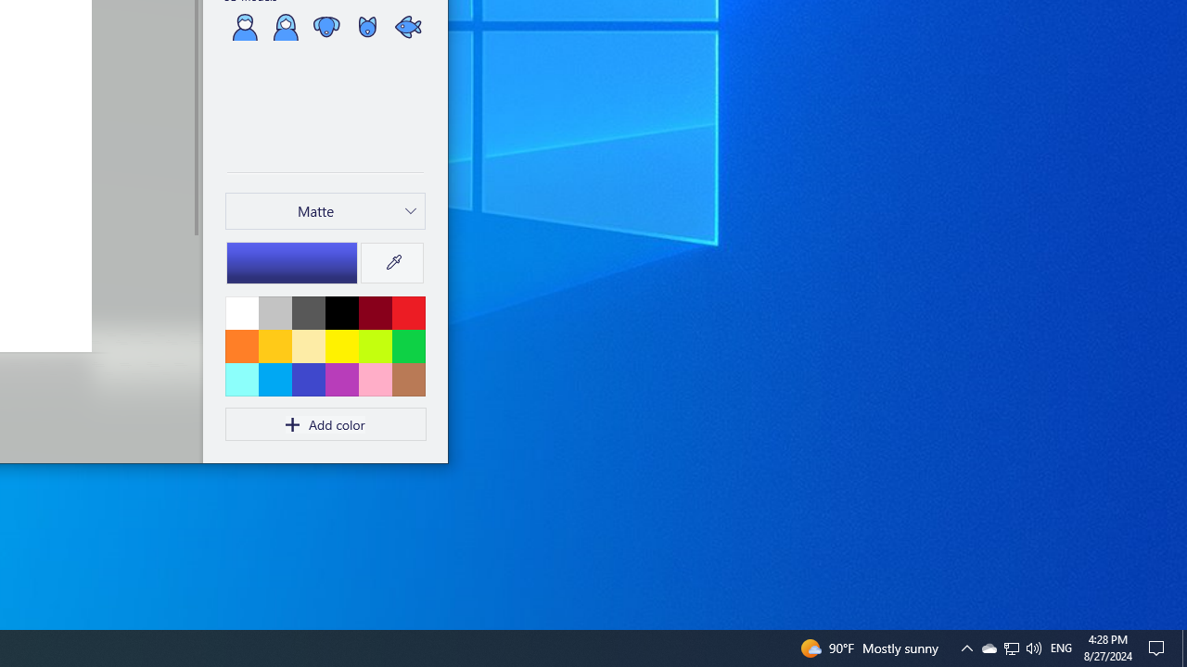  Describe the element at coordinates (407, 311) in the screenshot. I see `'Red'` at that location.